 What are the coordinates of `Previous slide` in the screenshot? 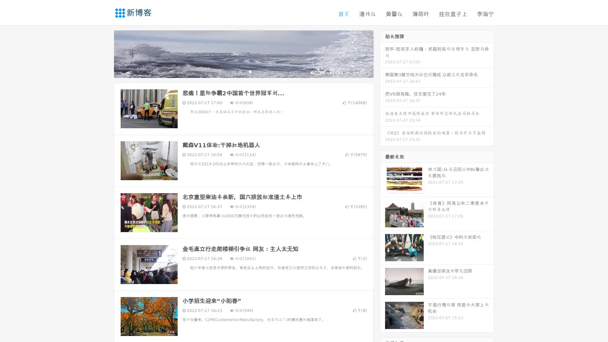 It's located at (104, 53).